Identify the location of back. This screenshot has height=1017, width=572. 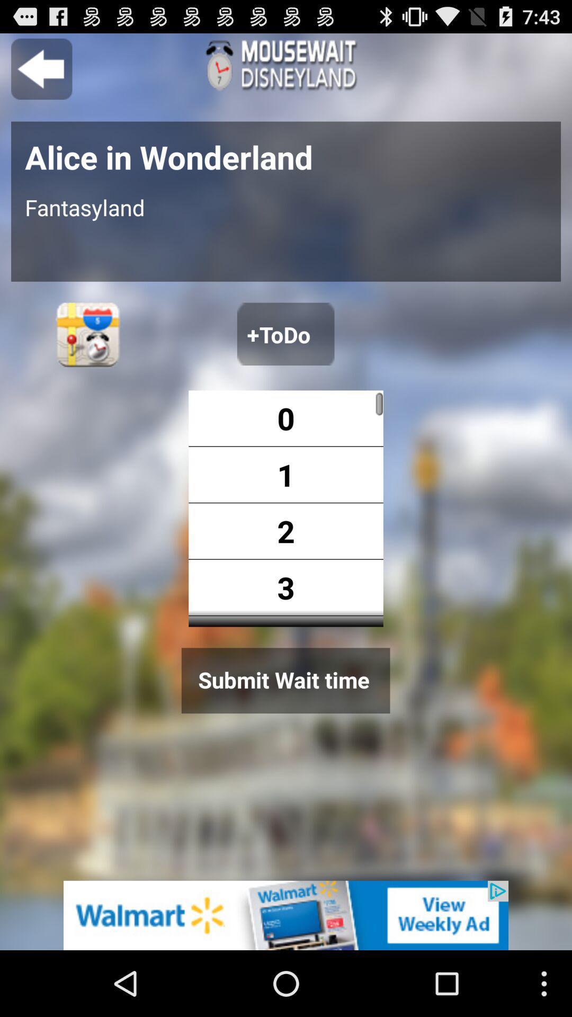
(41, 68).